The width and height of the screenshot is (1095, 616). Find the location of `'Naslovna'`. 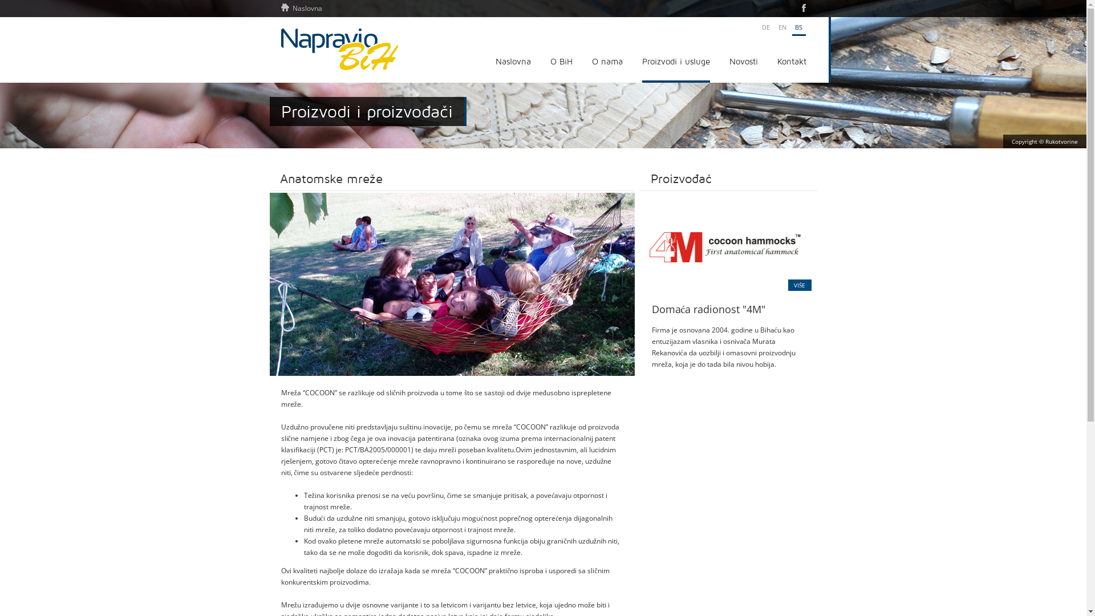

'Naslovna' is located at coordinates (280, 8).